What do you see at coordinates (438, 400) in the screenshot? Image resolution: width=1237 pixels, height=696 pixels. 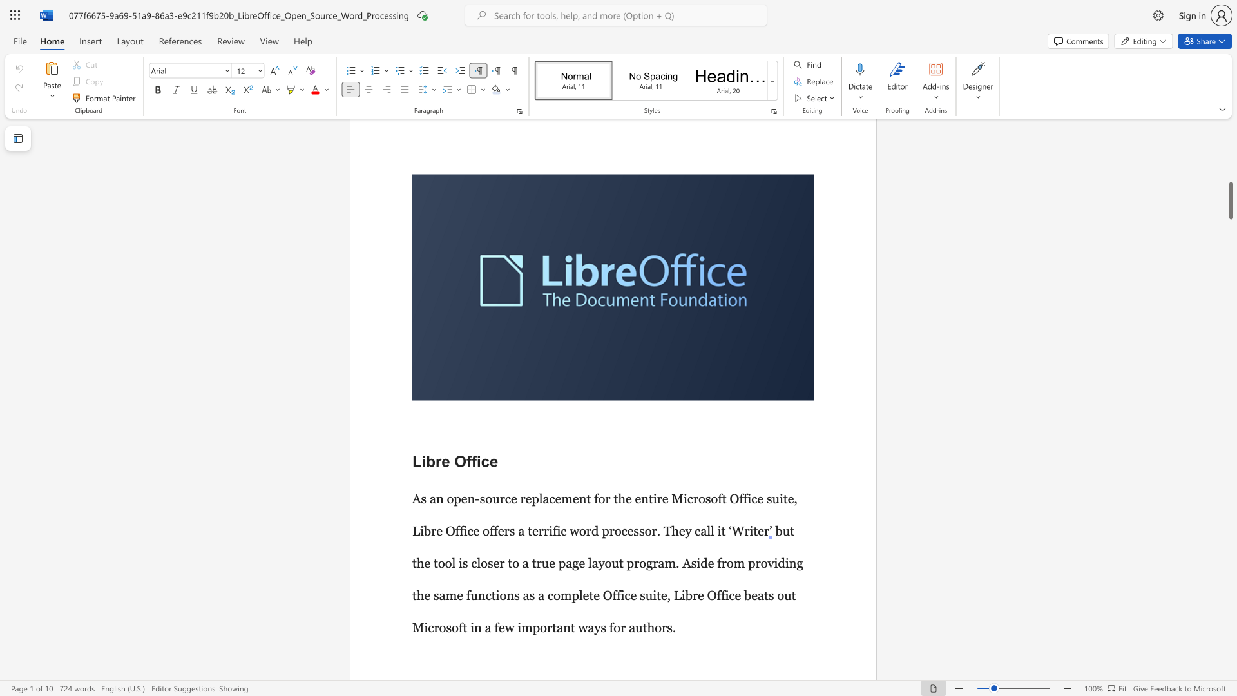 I see `the 1th character "r" in the text` at bounding box center [438, 400].